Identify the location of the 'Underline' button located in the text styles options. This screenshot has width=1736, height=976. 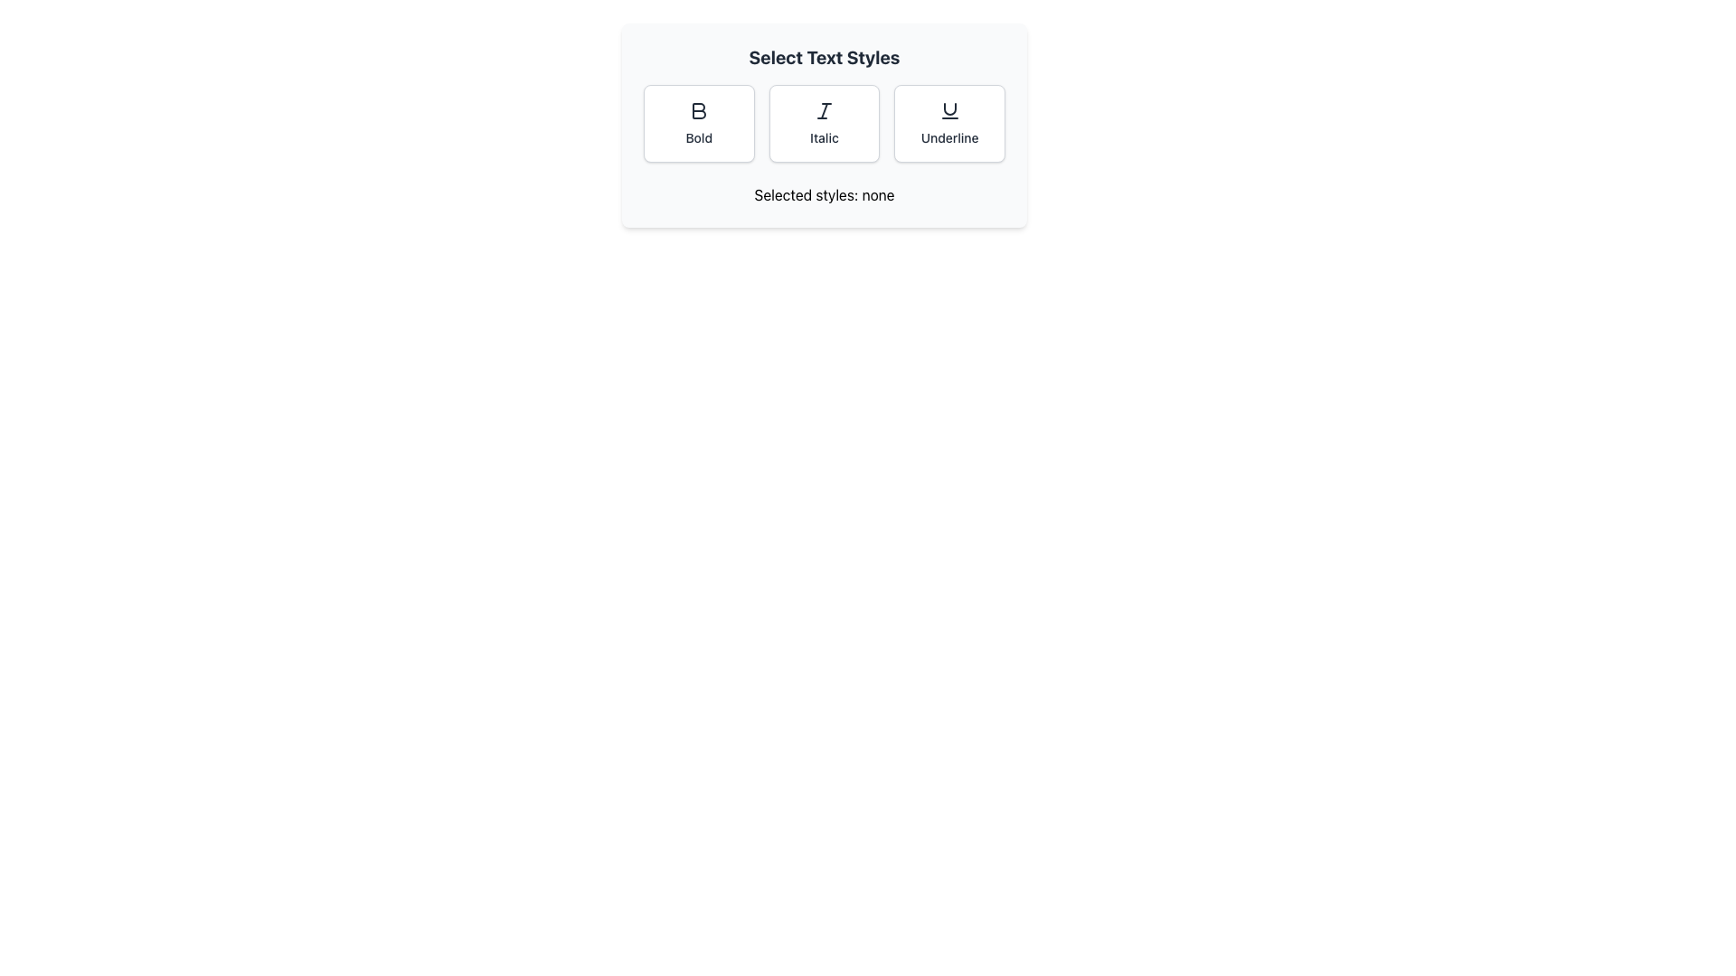
(948, 111).